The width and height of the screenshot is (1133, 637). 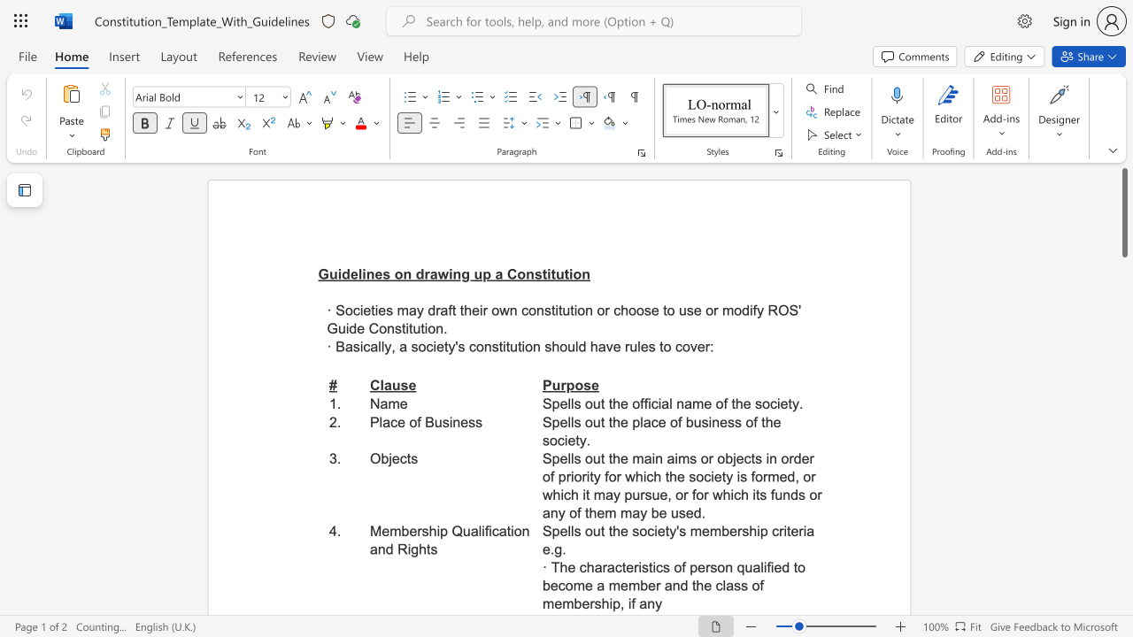 I want to click on the scrollbar to move the page down, so click(x=1123, y=600).